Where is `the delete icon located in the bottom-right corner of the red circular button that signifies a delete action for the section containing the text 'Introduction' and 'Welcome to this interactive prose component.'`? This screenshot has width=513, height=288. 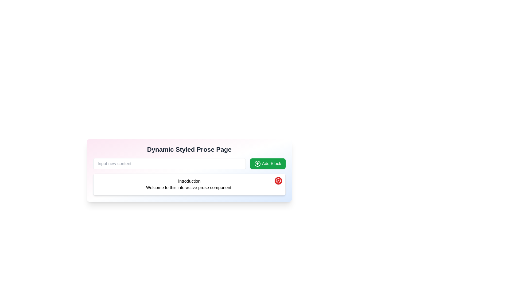
the delete icon located in the bottom-right corner of the red circular button that signifies a delete action for the section containing the text 'Introduction' and 'Welcome to this interactive prose component.' is located at coordinates (278, 181).